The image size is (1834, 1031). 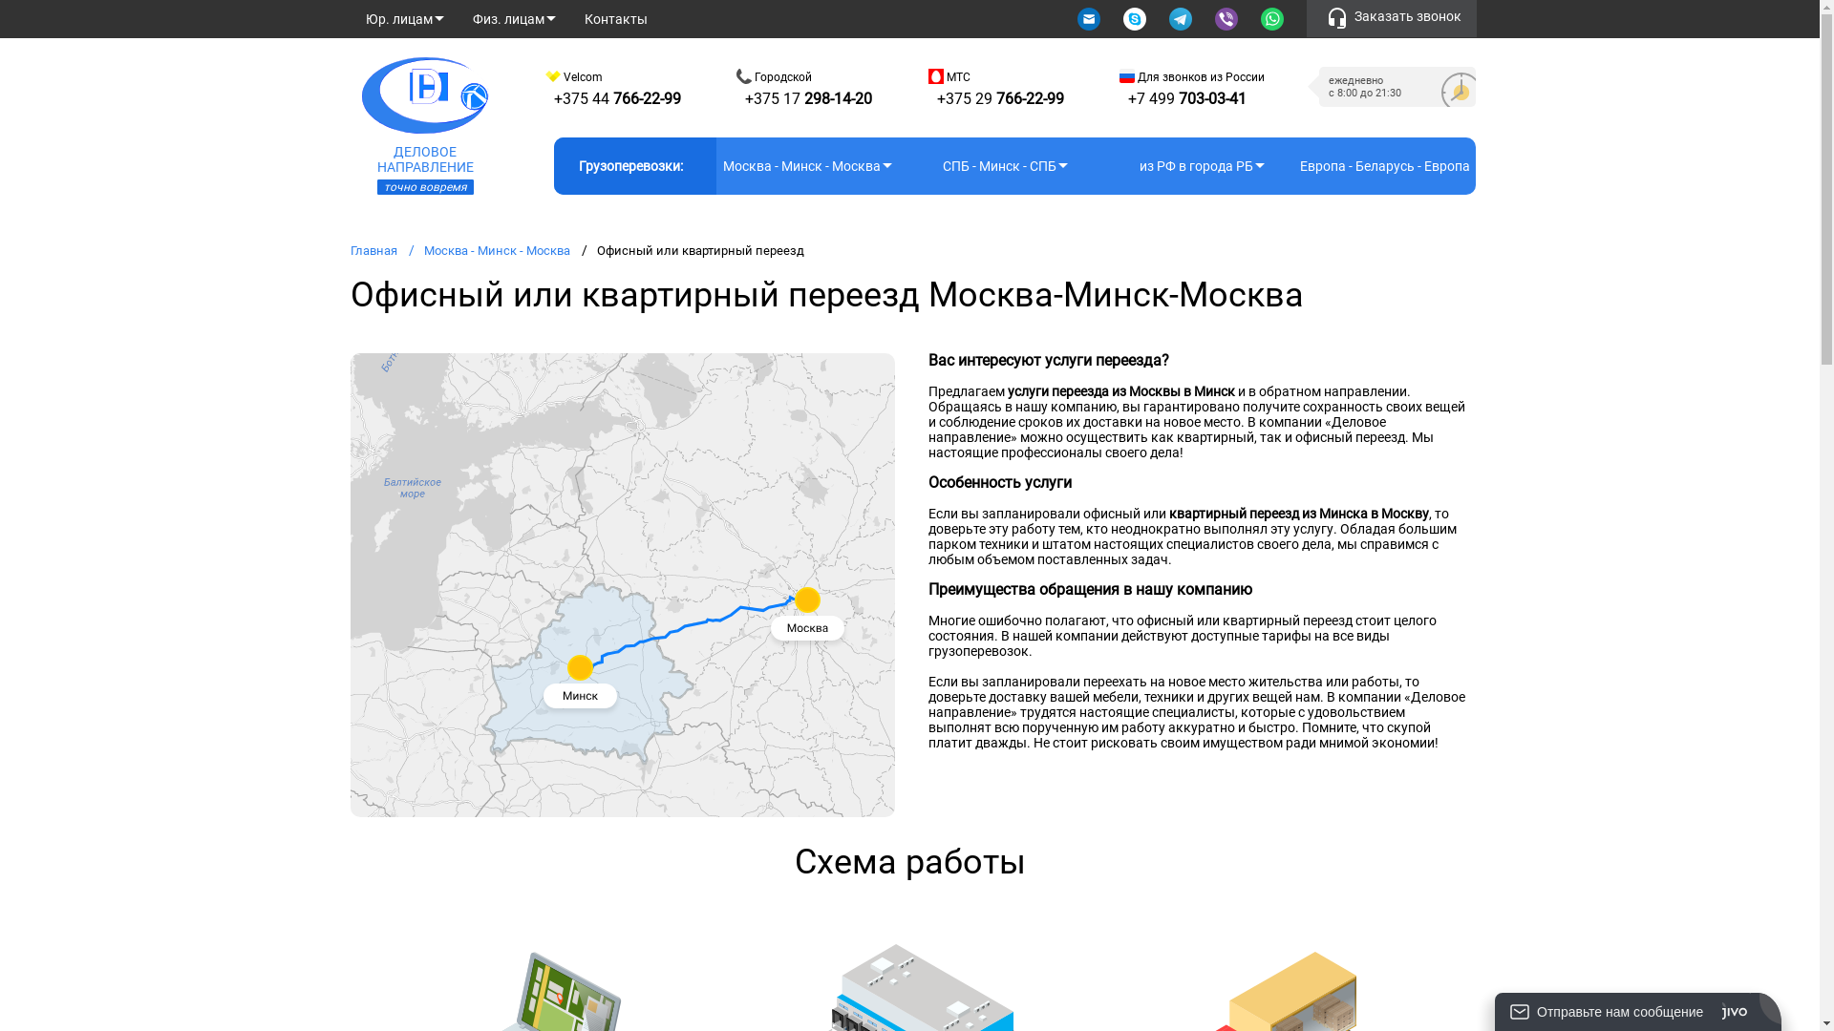 What do you see at coordinates (998, 98) in the screenshot?
I see `'+375 29 766-22-99'` at bounding box center [998, 98].